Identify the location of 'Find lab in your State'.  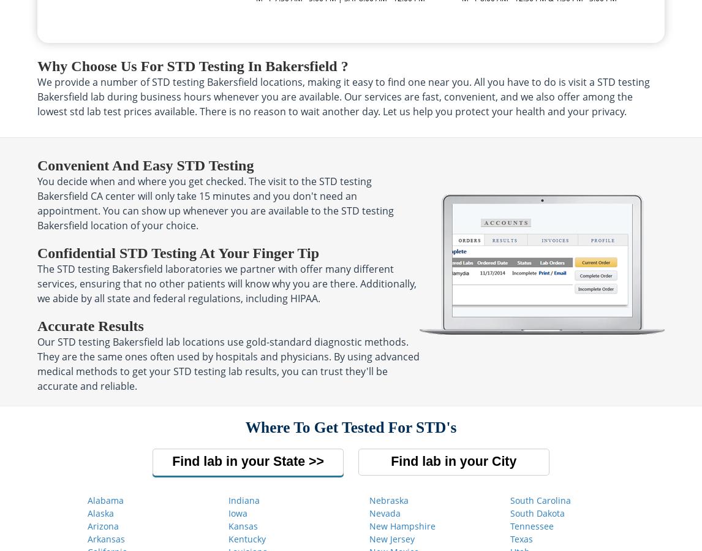
(240, 461).